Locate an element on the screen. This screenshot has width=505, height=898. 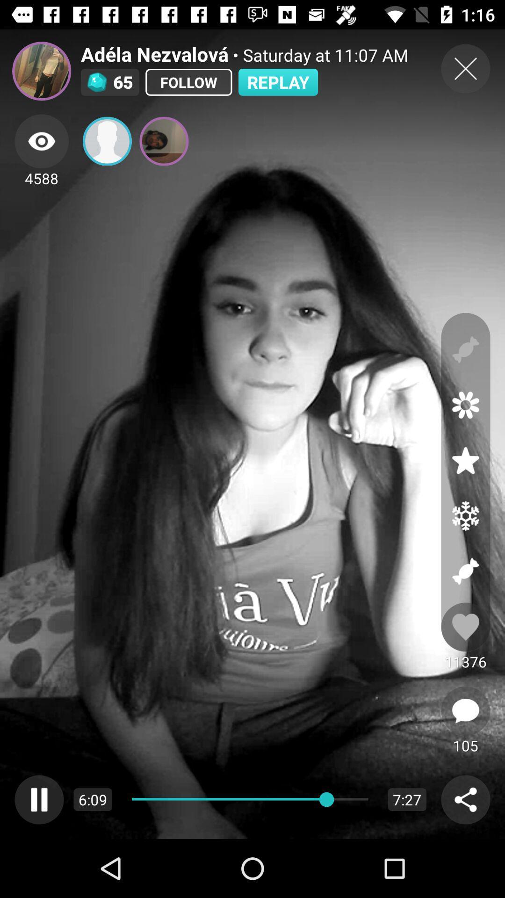
show flower overlay is located at coordinates (465, 405).